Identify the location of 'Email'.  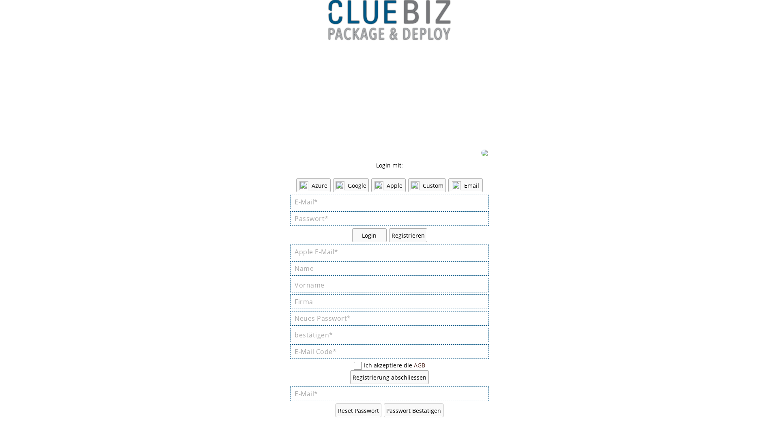
(465, 185).